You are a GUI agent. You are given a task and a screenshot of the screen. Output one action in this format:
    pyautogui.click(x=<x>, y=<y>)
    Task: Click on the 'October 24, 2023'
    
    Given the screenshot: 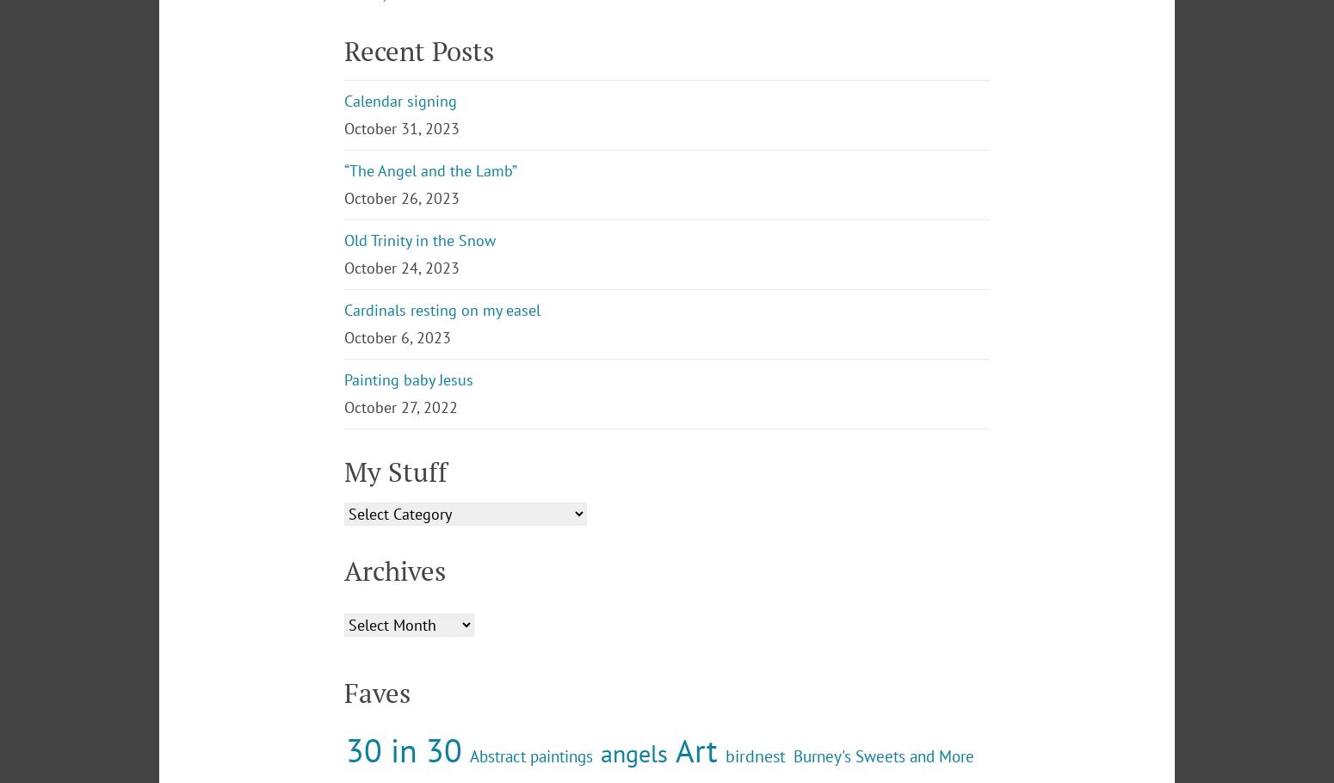 What is the action you would take?
    pyautogui.click(x=401, y=408)
    